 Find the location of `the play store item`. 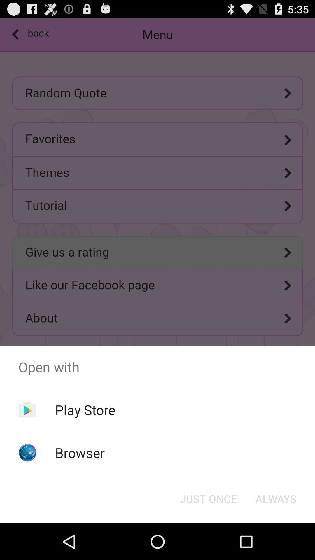

the play store item is located at coordinates (85, 409).